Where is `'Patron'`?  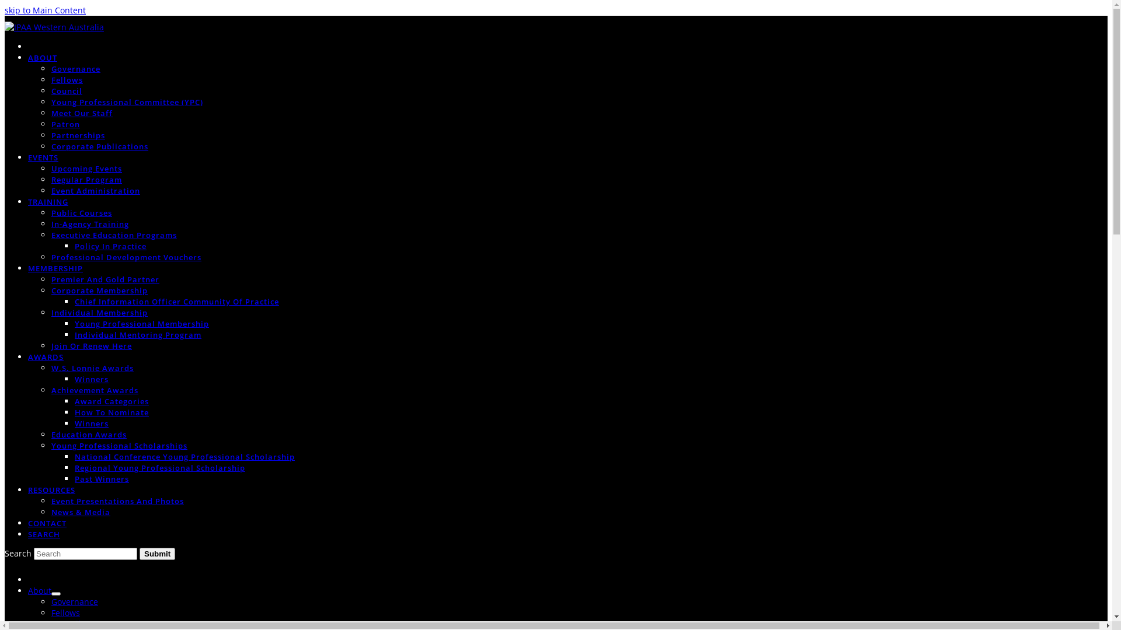 'Patron' is located at coordinates (50, 124).